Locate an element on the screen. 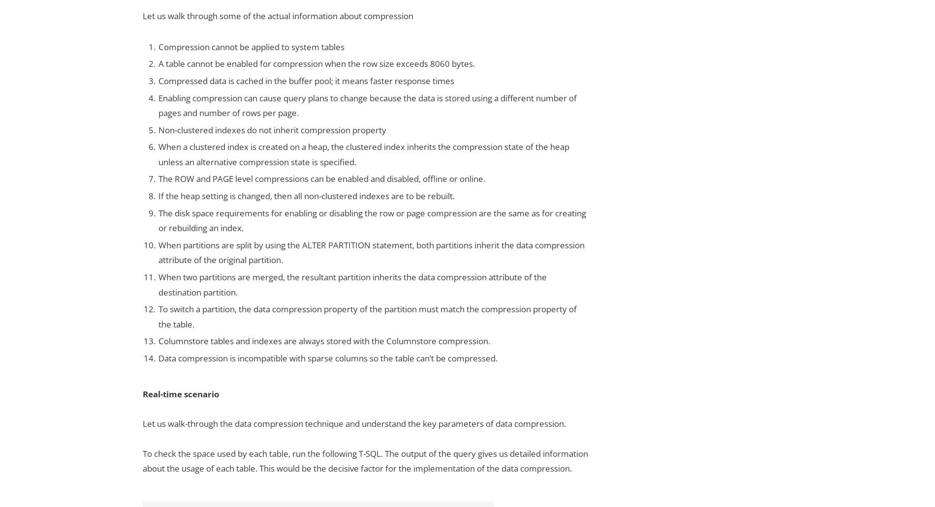 Image resolution: width=935 pixels, height=507 pixels. 'Compression cannot be applied to system tables' is located at coordinates (251, 46).